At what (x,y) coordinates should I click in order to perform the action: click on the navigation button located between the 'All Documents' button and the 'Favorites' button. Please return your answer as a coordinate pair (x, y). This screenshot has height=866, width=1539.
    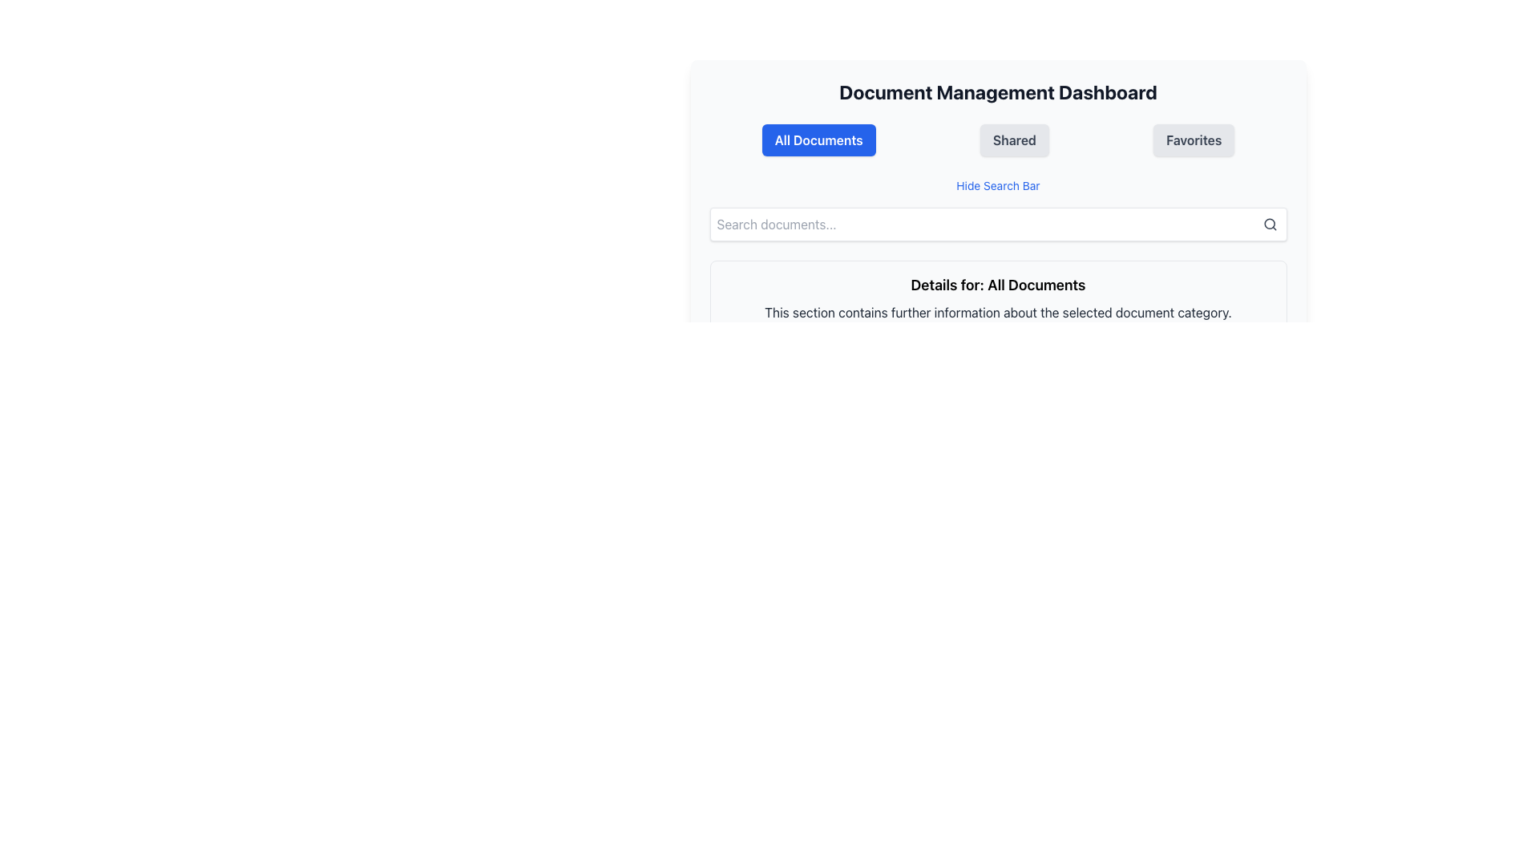
    Looking at the image, I should click on (1013, 139).